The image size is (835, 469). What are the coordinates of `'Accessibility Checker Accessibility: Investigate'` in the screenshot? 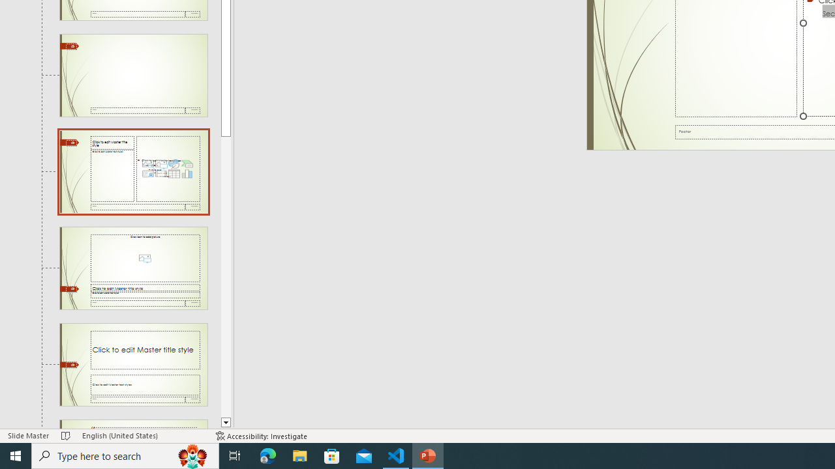 It's located at (261, 436).